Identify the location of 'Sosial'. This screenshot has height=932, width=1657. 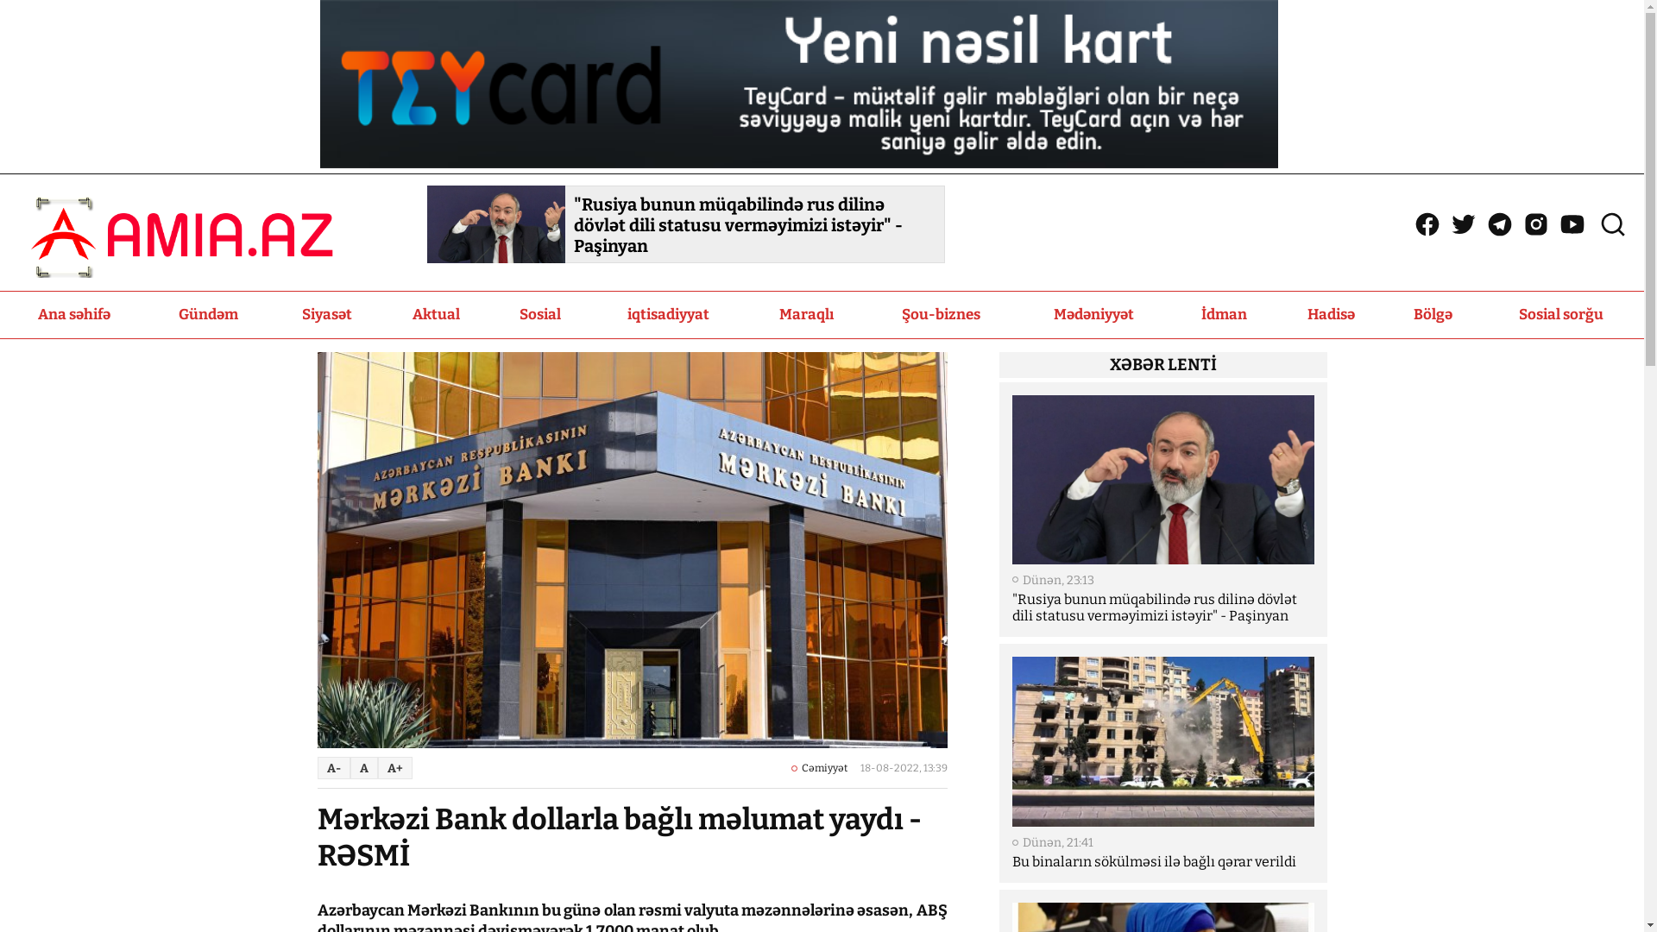
(539, 315).